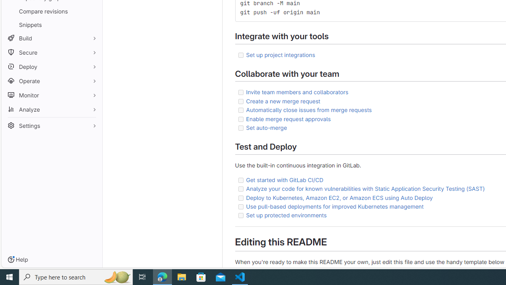  Describe the element at coordinates (51, 11) in the screenshot. I see `'Compare revisions'` at that location.